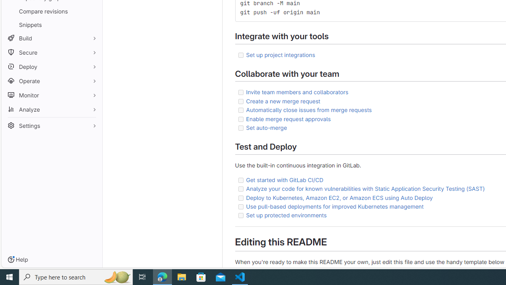  Describe the element at coordinates (51, 11) in the screenshot. I see `'Compare revisions'` at that location.